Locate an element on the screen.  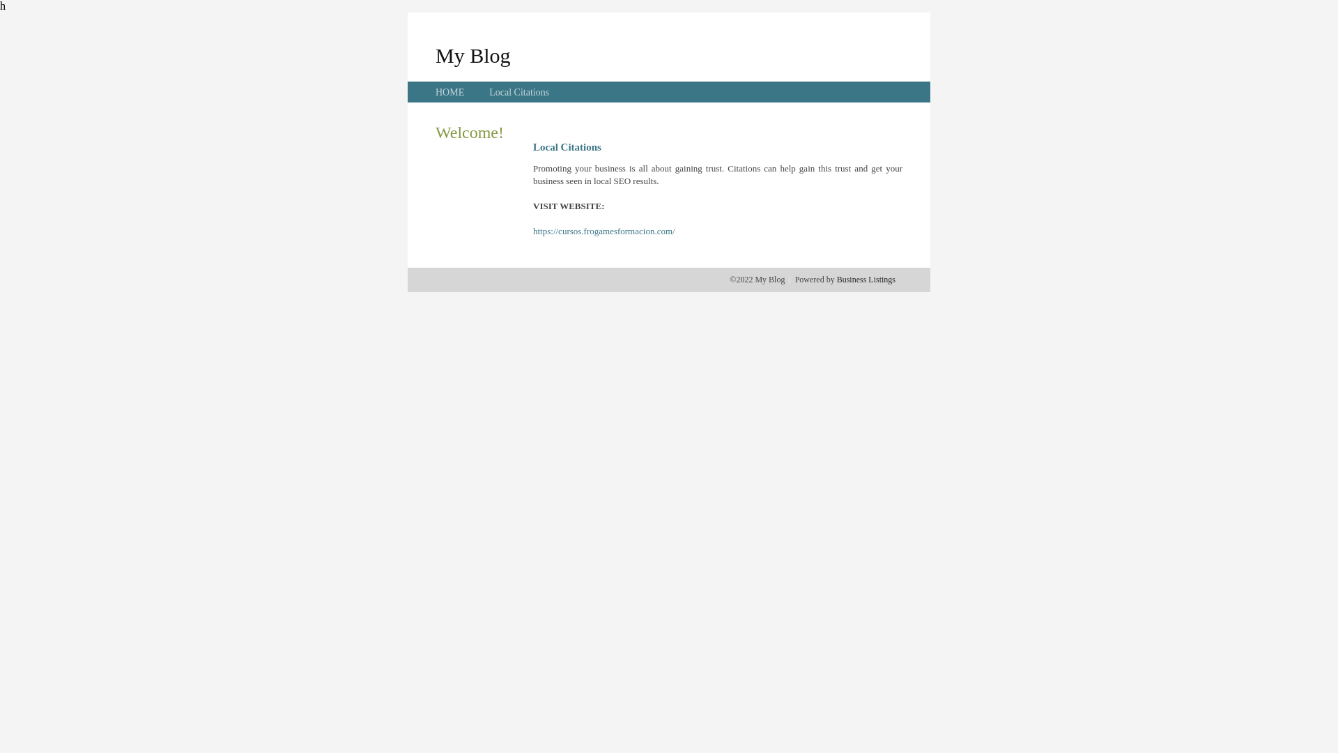
'My Blog' is located at coordinates (472, 54).